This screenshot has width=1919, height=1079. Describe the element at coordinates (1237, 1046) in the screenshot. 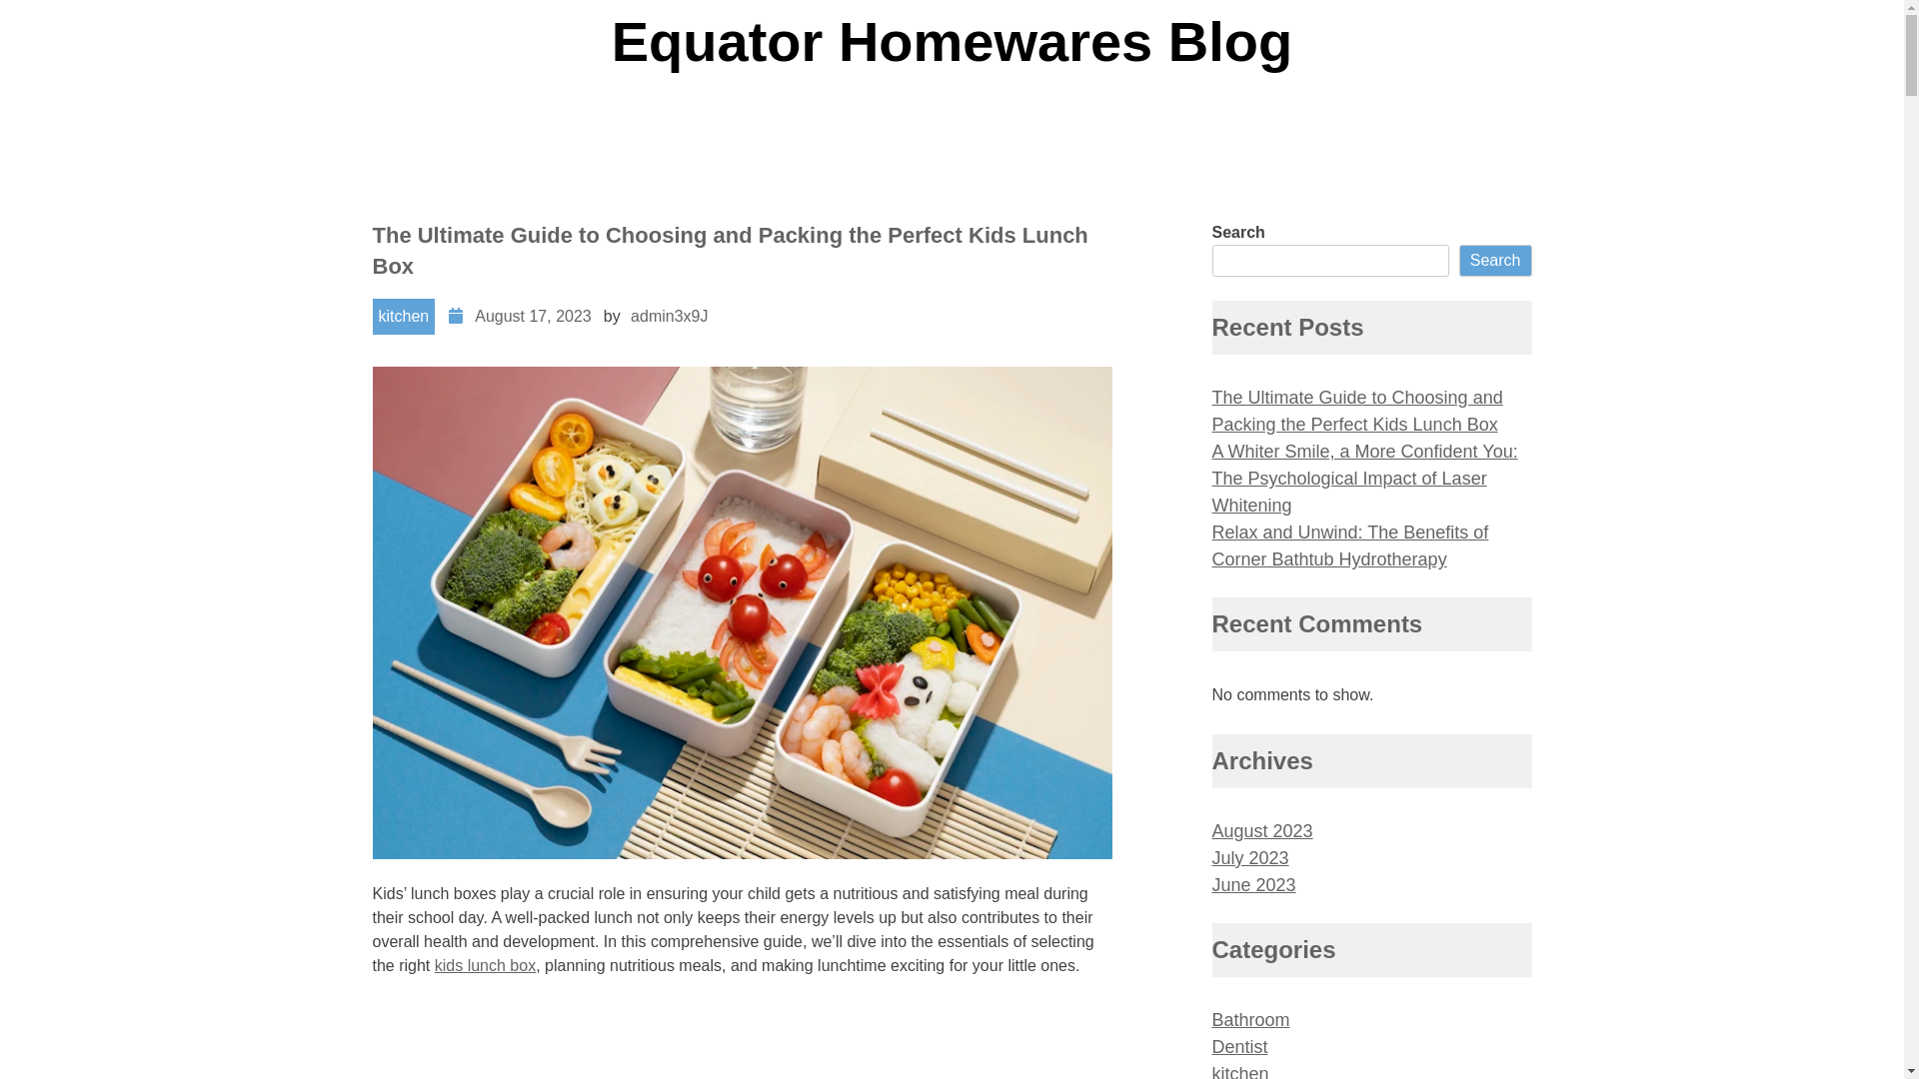

I see `'Dentist'` at that location.